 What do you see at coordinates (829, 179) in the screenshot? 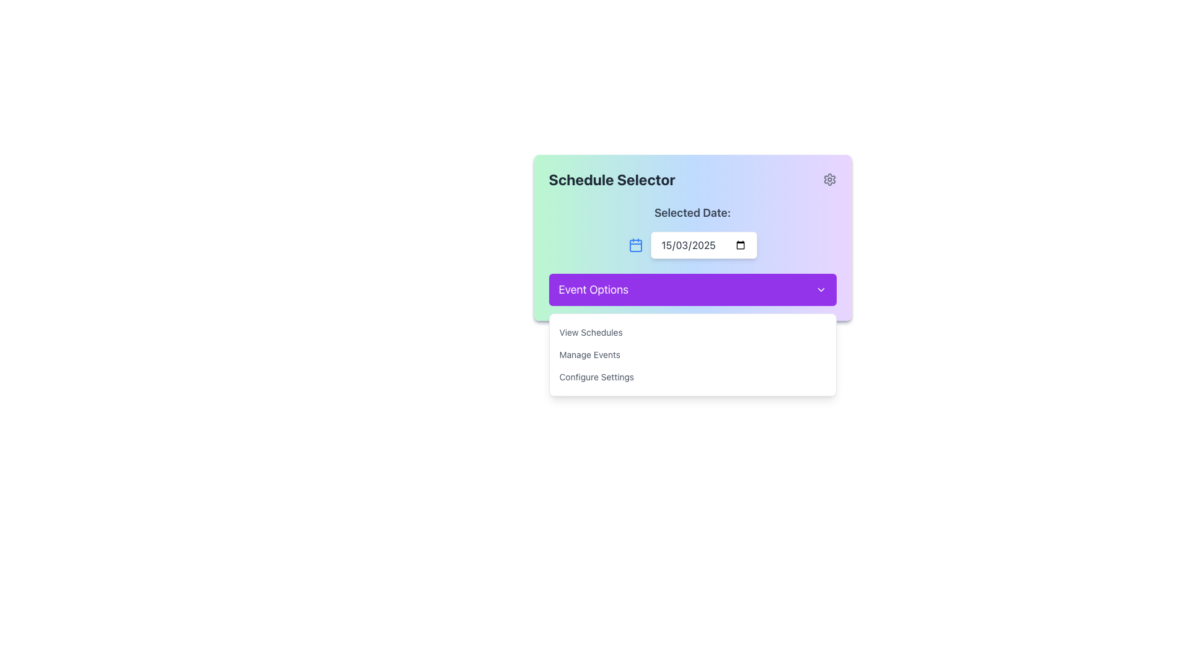
I see `the settings icon button located at the top-right corner adjacent to the 'Schedule Selector' heading` at bounding box center [829, 179].